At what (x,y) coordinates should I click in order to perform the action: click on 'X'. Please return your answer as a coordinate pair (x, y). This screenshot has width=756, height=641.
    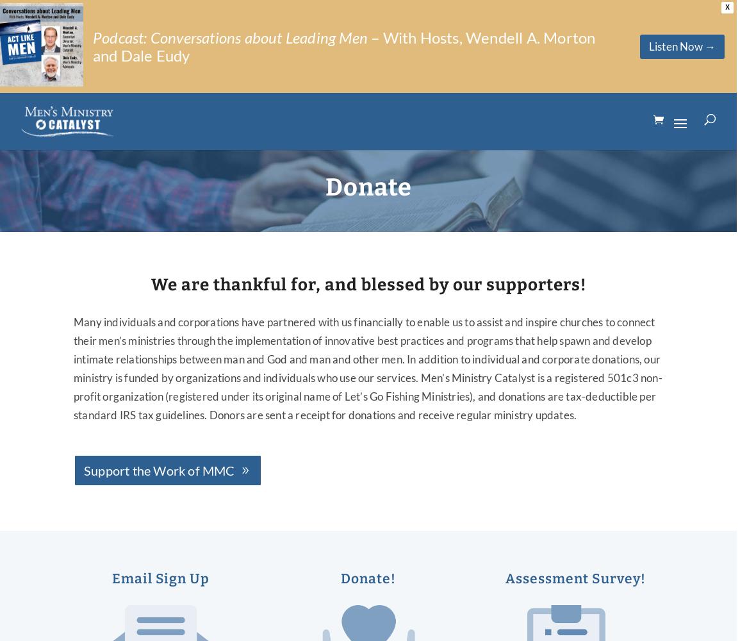
    Looking at the image, I should click on (725, 7).